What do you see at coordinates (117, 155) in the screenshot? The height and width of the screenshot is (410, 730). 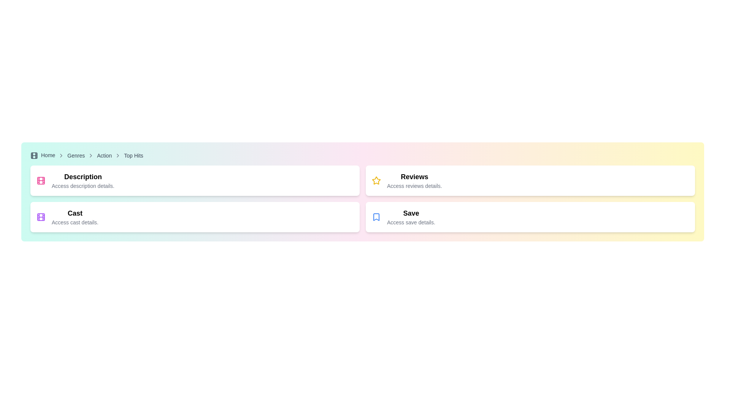 I see `the rightwards arrow icon in the breadcrumb navigation that separates the 'Action' and 'Top Hits' text links` at bounding box center [117, 155].